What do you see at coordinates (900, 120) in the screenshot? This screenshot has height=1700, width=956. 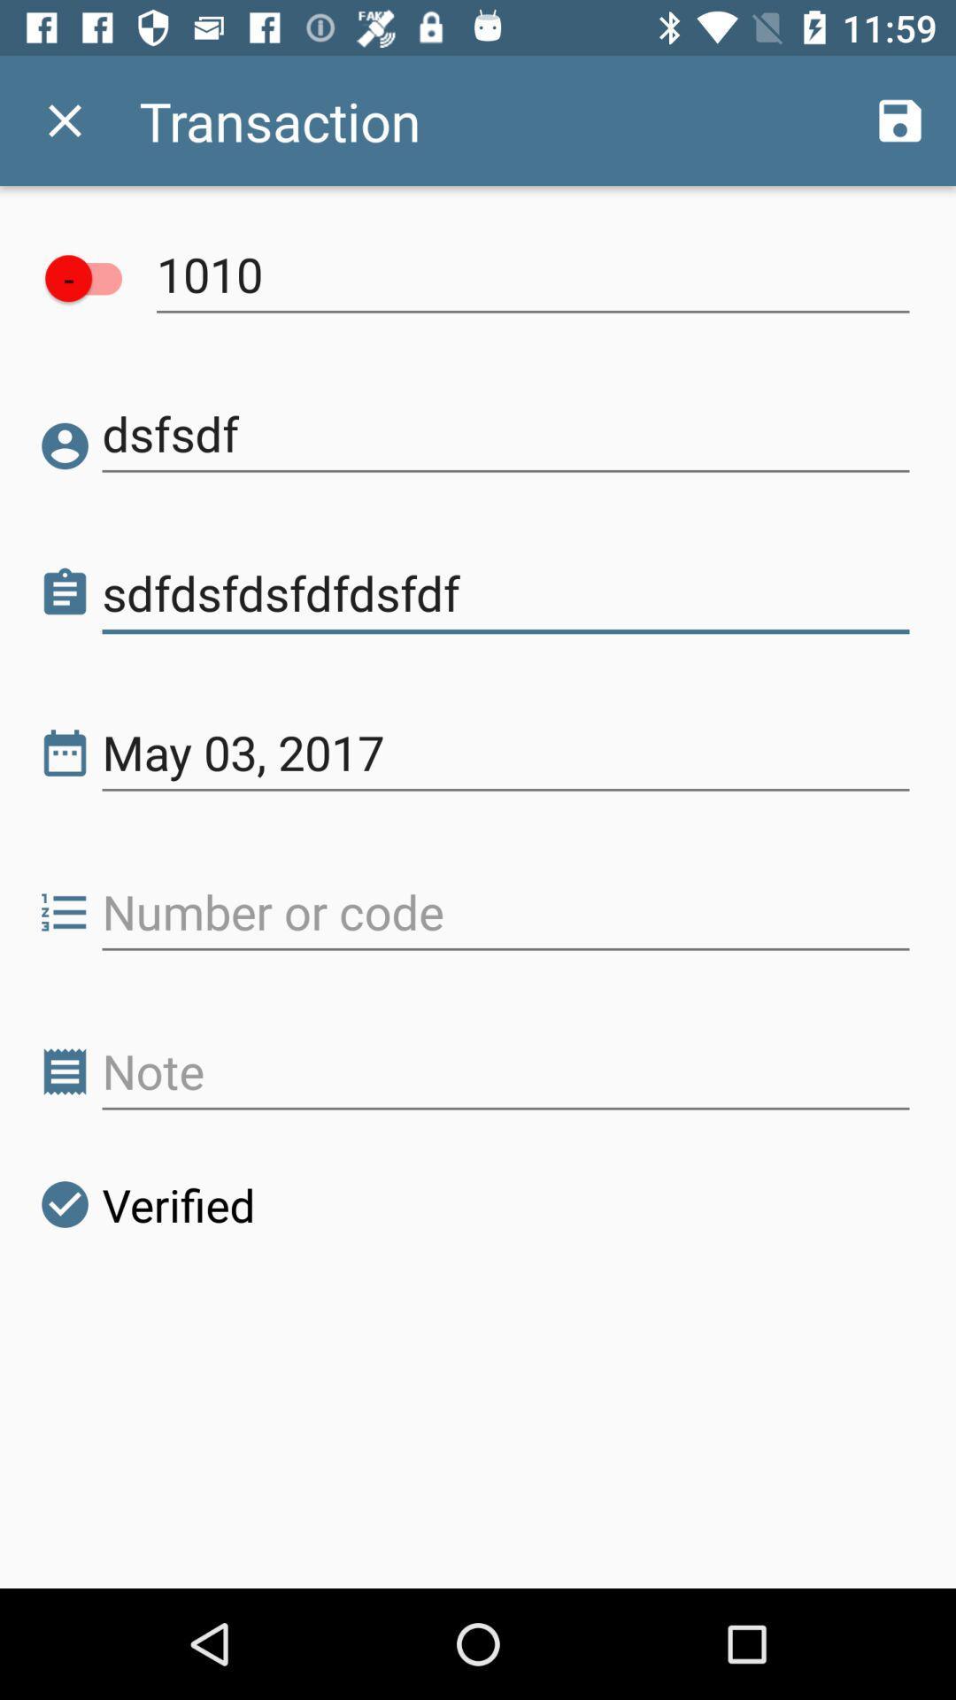 I see `icon to the right of the transaction` at bounding box center [900, 120].